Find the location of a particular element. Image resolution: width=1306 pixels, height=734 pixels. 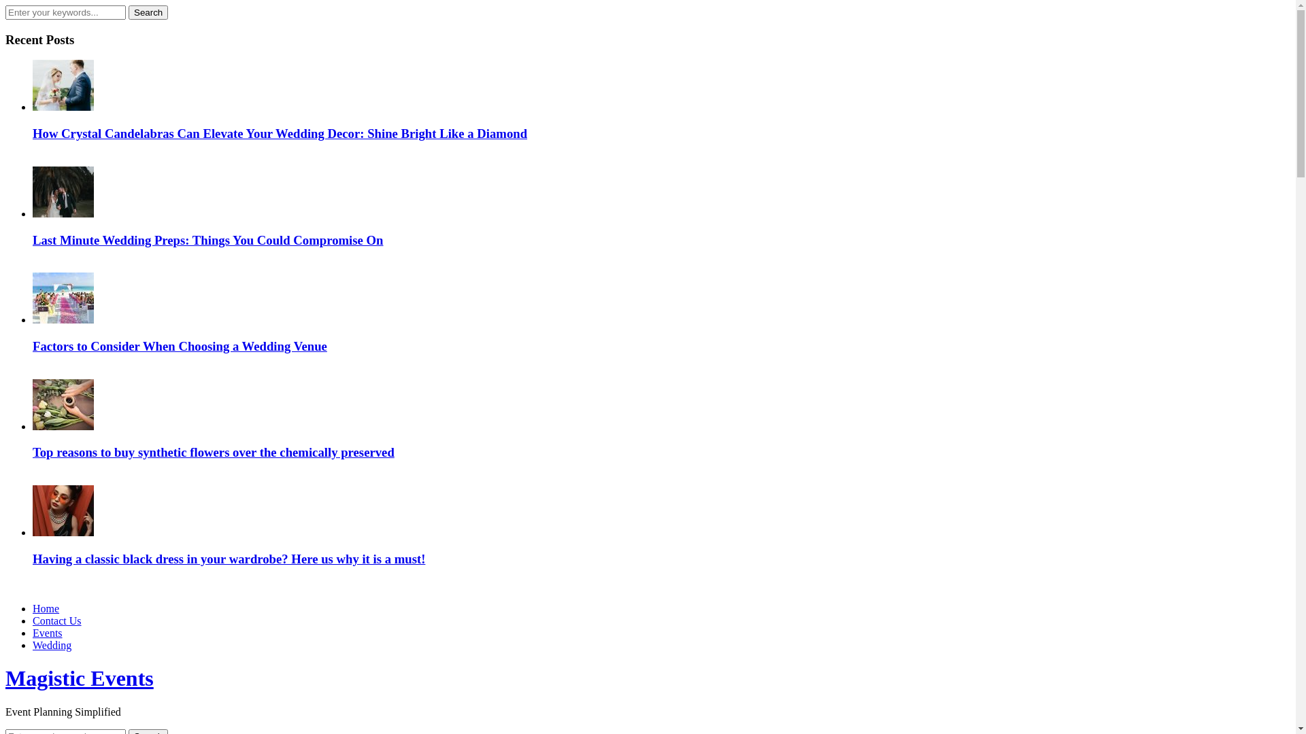

'Factors to Consider When Choosing a Wedding Venue' is located at coordinates (179, 345).